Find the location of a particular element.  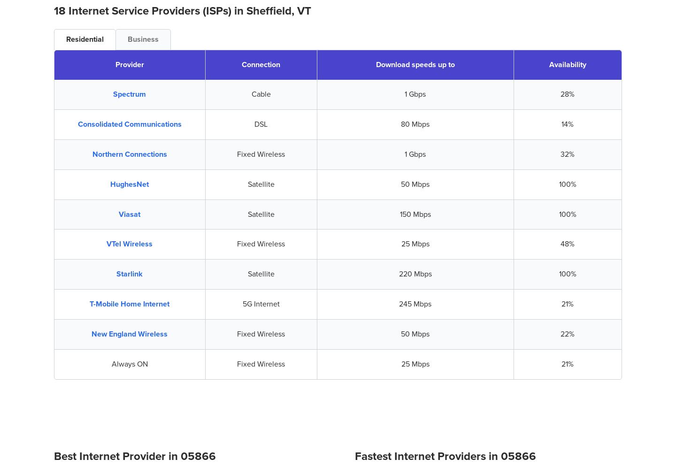

'5G Internet' is located at coordinates (261, 304).